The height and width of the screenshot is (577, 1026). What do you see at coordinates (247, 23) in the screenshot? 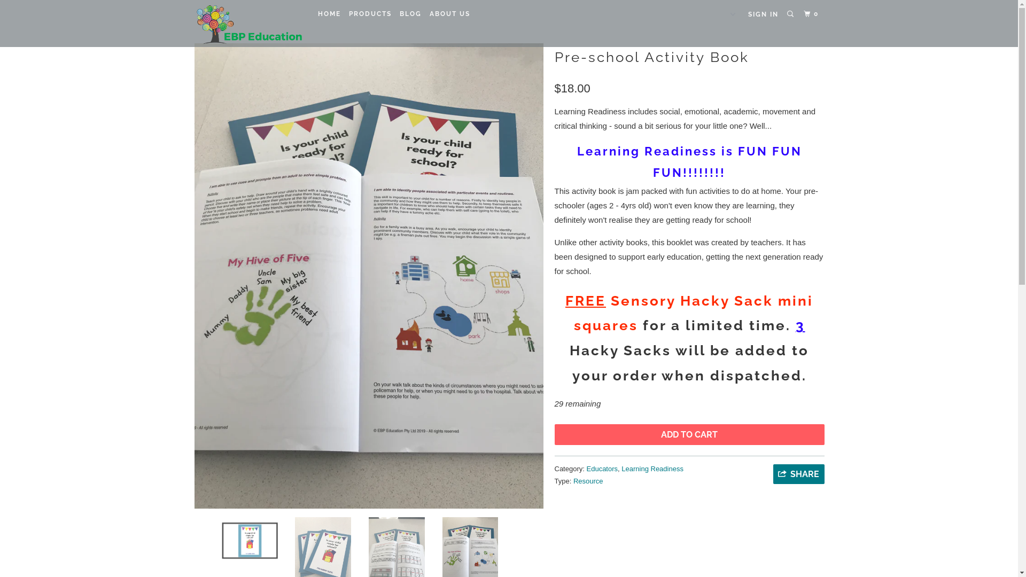
I see `'EBP Education'` at bounding box center [247, 23].